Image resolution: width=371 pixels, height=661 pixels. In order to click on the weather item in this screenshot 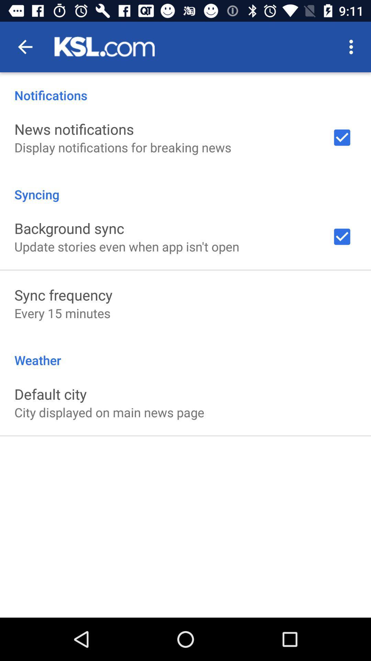, I will do `click(185, 353)`.